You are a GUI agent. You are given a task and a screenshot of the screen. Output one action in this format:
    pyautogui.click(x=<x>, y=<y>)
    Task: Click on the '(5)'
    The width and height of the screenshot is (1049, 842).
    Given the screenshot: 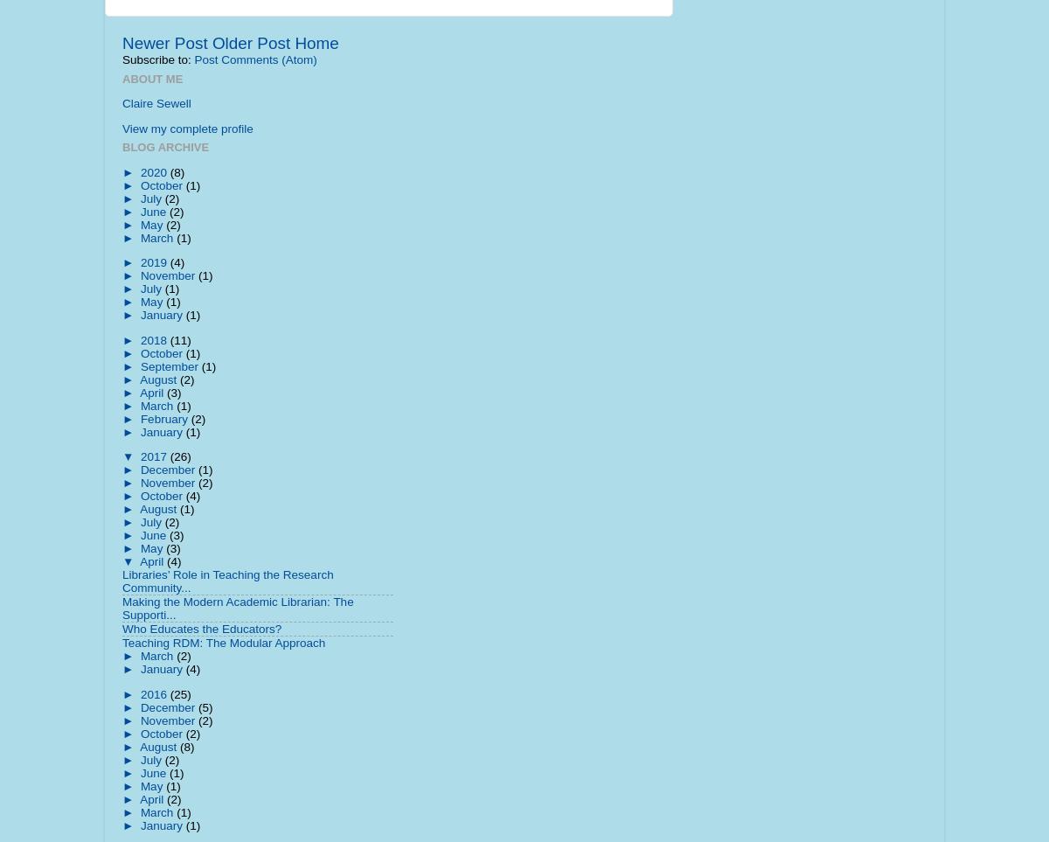 What is the action you would take?
    pyautogui.click(x=204, y=706)
    